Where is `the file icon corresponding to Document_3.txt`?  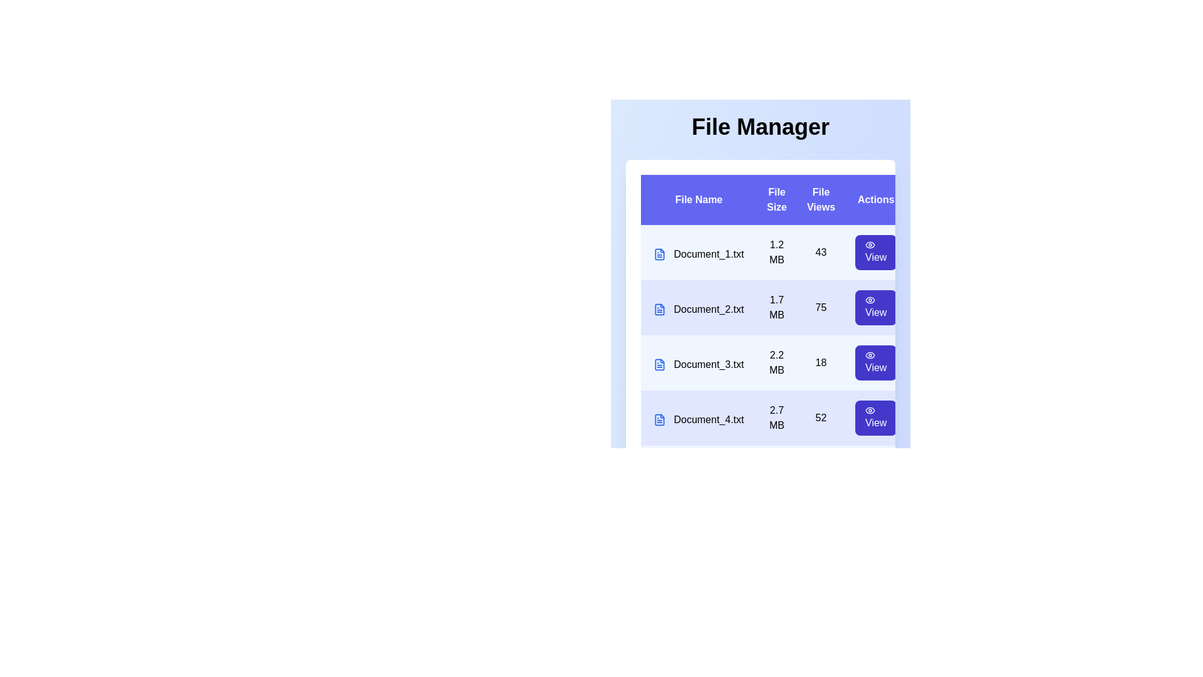 the file icon corresponding to Document_3.txt is located at coordinates (659, 365).